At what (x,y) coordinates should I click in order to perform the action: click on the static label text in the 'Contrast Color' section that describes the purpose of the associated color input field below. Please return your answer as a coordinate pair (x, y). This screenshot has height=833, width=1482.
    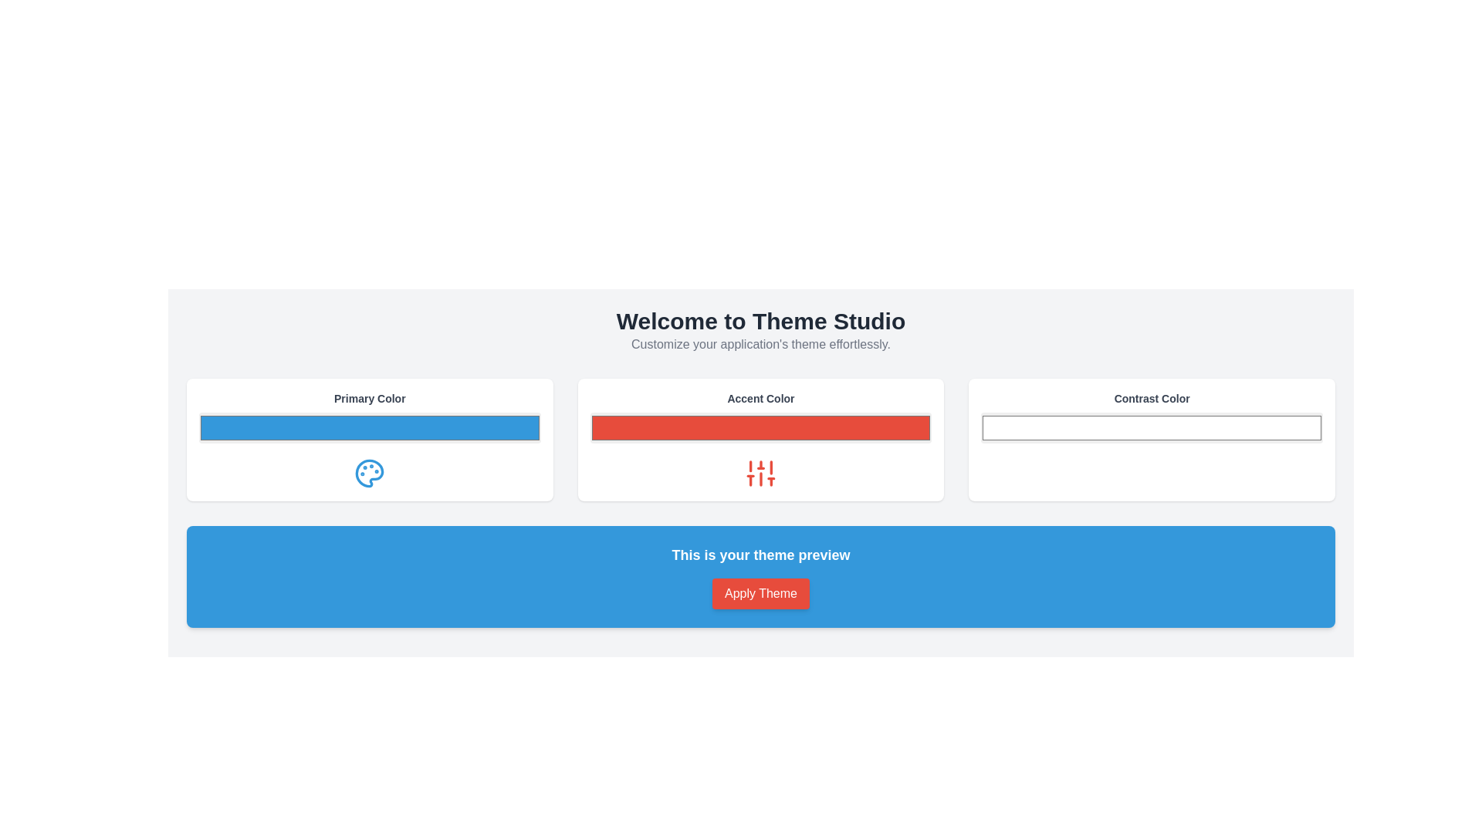
    Looking at the image, I should click on (1152, 397).